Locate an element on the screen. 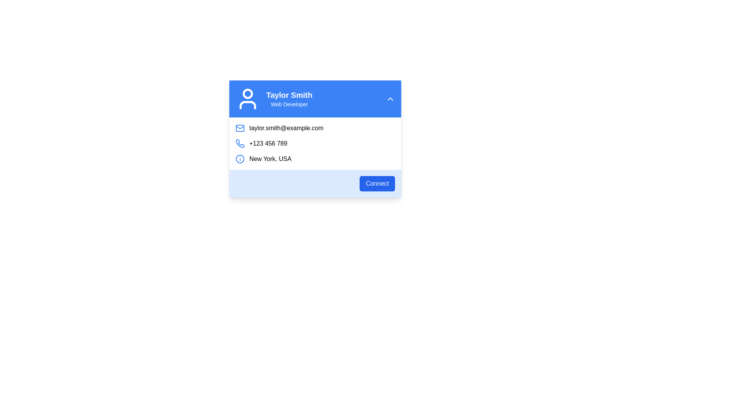  the informational vector-based icon located to the left of the text 'New York, USA' within the card layout is located at coordinates (240, 158).